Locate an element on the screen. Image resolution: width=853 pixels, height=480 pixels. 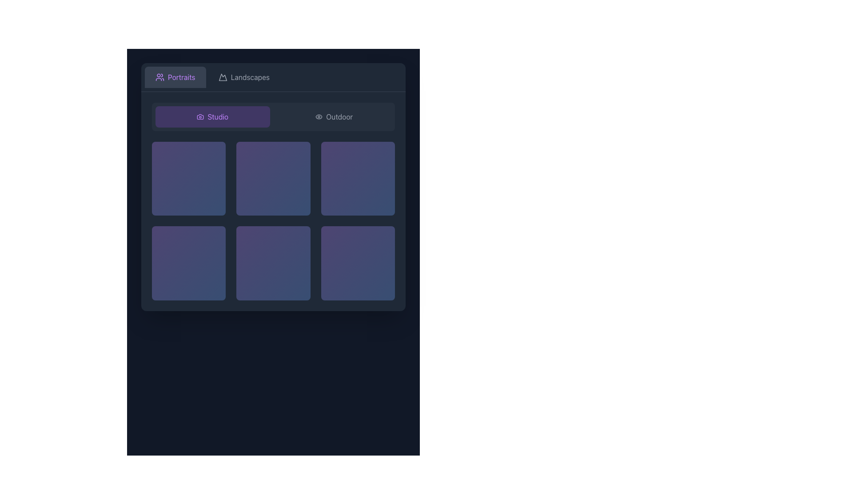
the second card is located at coordinates (273, 179).